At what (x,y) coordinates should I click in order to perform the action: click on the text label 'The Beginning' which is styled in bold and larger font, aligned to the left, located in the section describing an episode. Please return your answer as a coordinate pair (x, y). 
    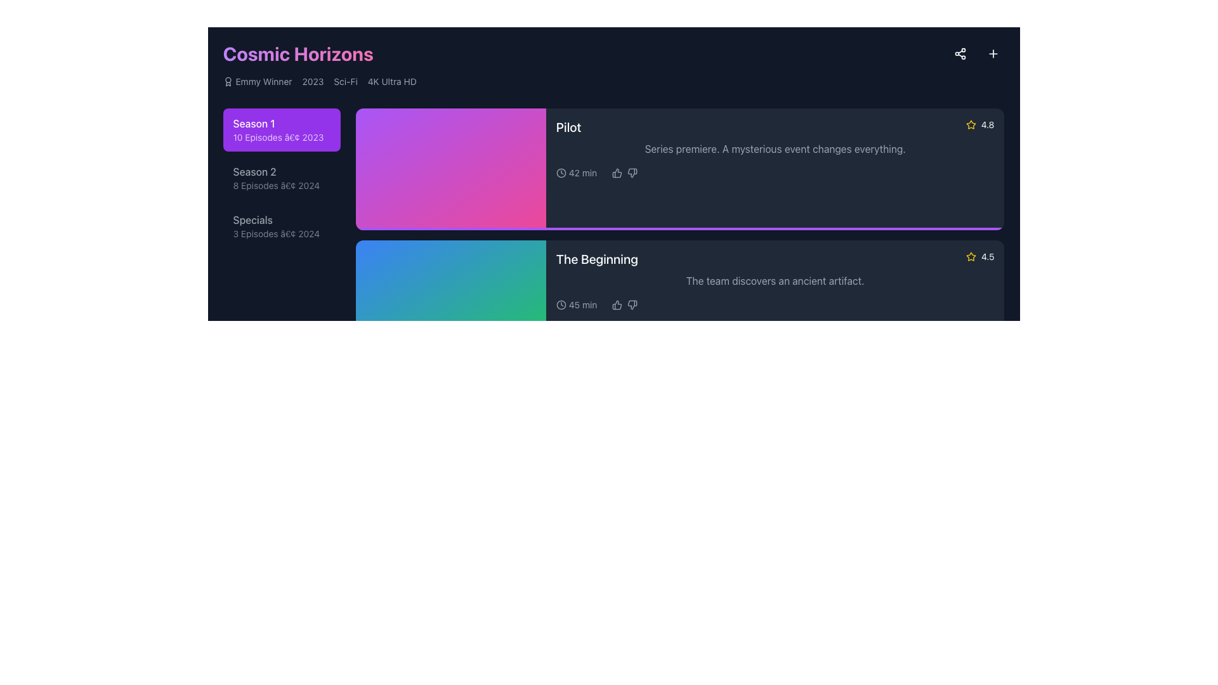
    Looking at the image, I should click on (596, 258).